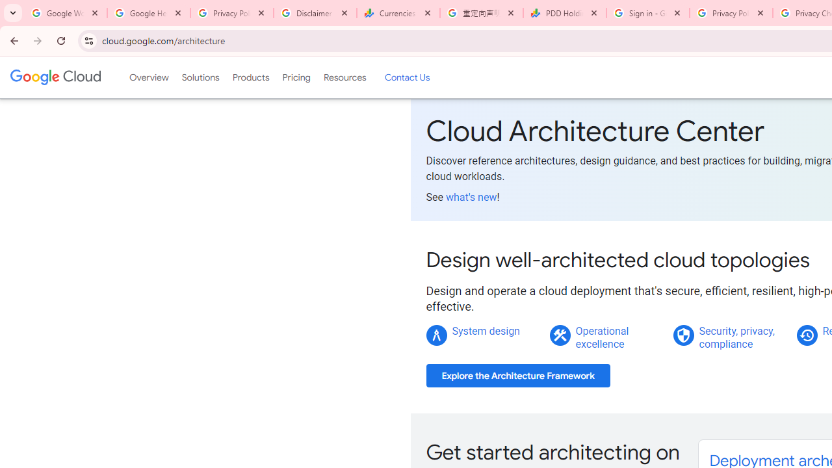  I want to click on 'Google Cloud', so click(55, 77).